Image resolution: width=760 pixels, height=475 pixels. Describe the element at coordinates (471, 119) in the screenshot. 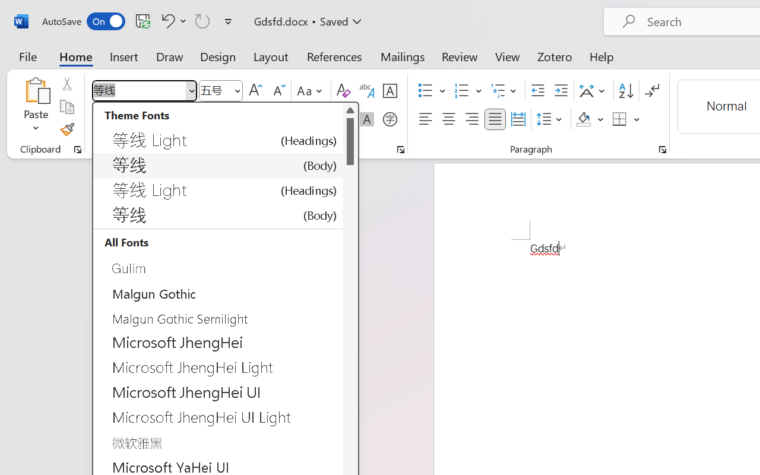

I see `'Align Right'` at that location.